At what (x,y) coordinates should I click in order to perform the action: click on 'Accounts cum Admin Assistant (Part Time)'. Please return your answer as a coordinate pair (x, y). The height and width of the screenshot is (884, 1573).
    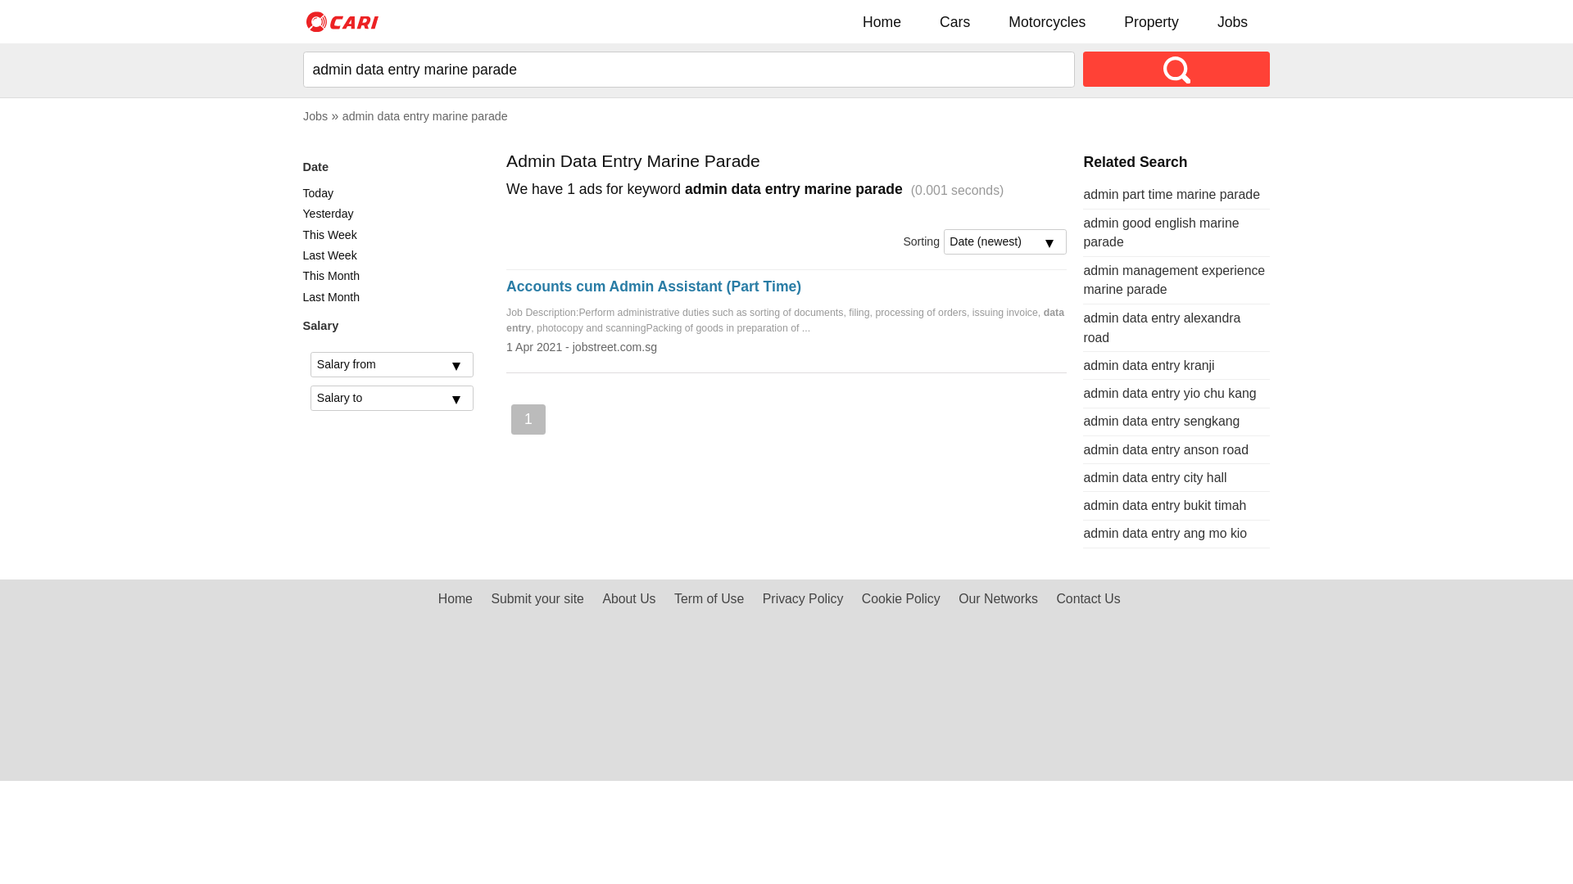
    Looking at the image, I should click on (652, 286).